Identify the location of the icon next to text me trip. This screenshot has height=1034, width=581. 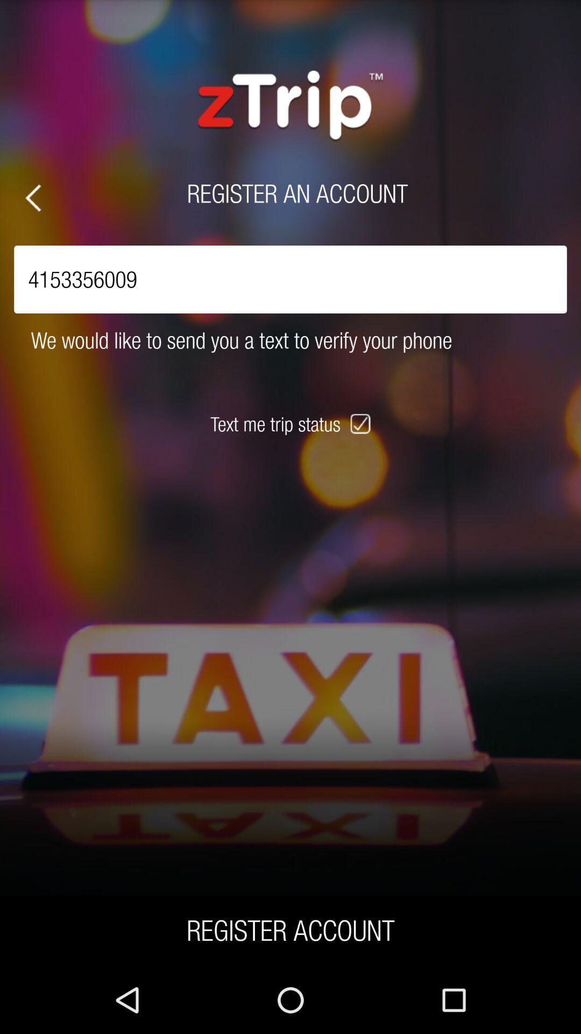
(362, 423).